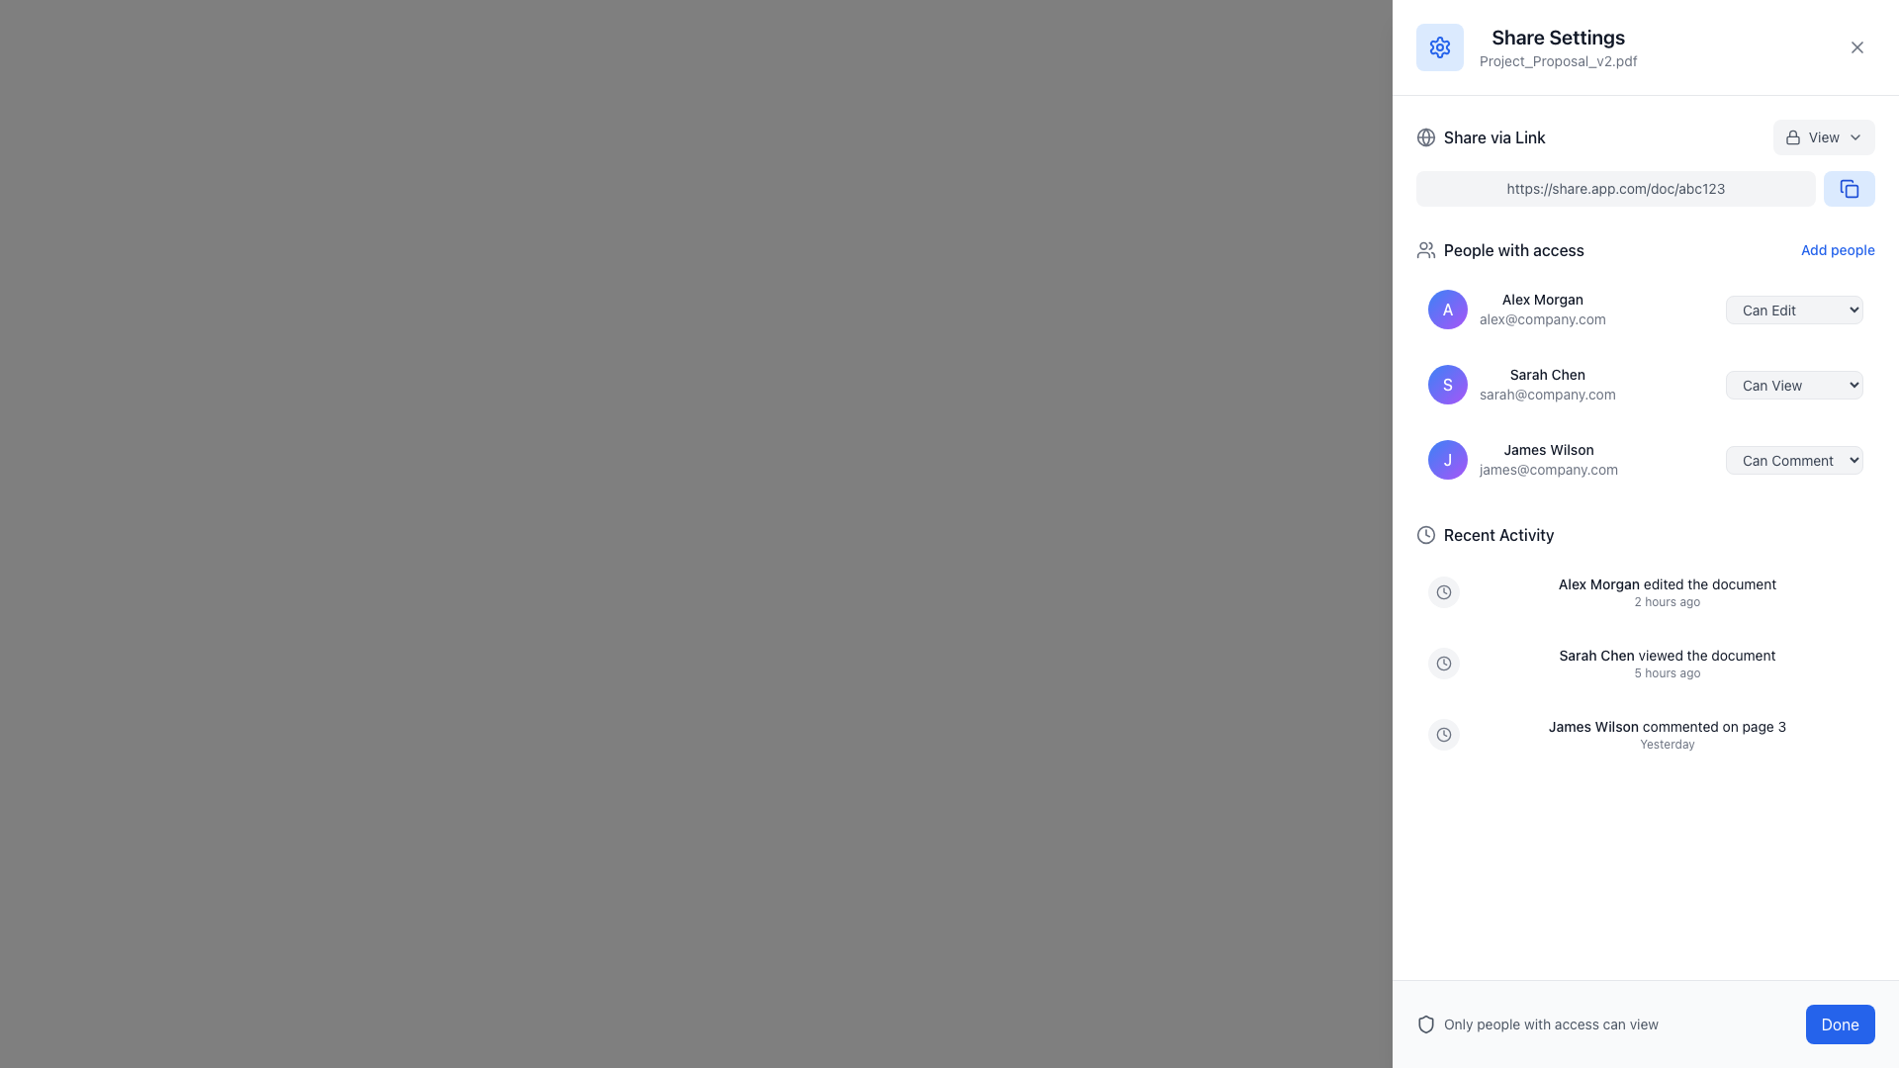 Image resolution: width=1899 pixels, height=1068 pixels. What do you see at coordinates (1596, 655) in the screenshot?
I see `the text label that displays 'Sarah Chen' in bold within the Recent Activity section of the activity log` at bounding box center [1596, 655].